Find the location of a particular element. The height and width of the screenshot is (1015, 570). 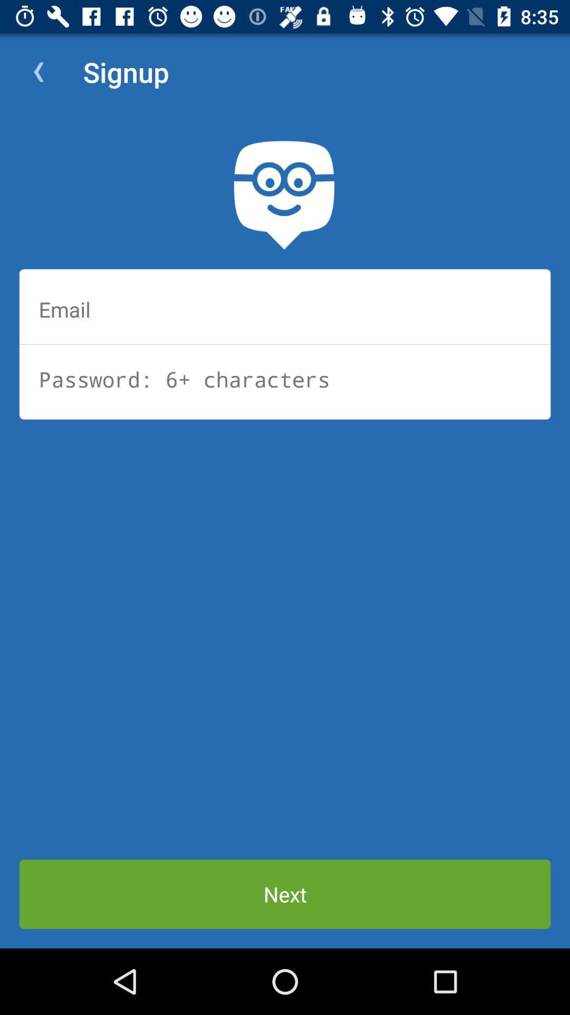

email field is located at coordinates (285, 309).